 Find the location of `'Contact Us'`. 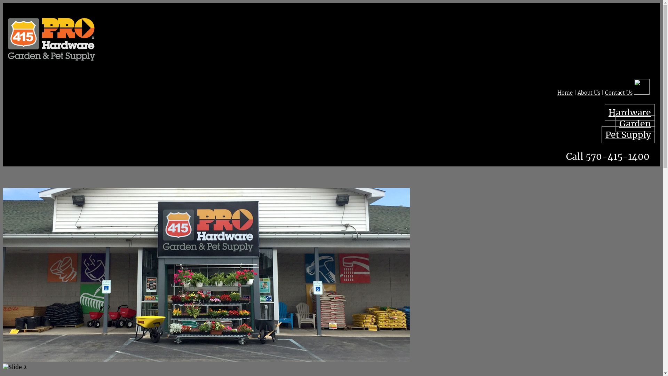

'Contact Us' is located at coordinates (604, 92).